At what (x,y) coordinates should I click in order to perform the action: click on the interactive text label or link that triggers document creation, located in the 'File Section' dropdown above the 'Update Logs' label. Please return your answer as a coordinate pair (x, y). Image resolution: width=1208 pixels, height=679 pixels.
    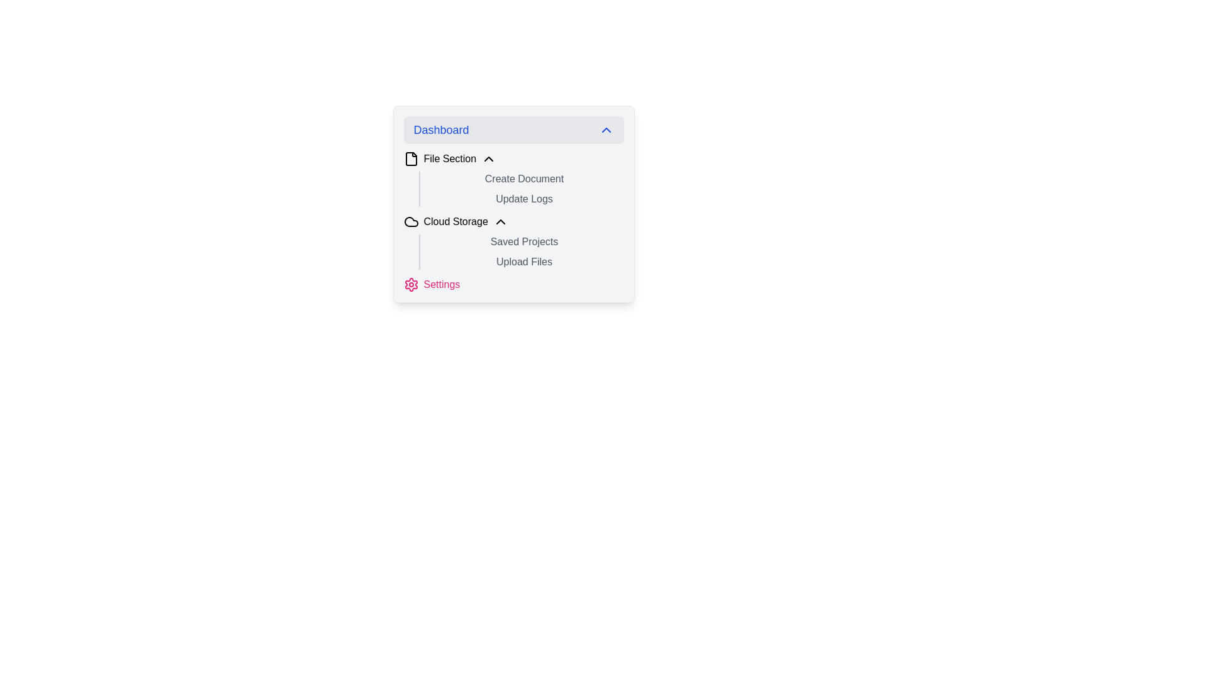
    Looking at the image, I should click on (513, 179).